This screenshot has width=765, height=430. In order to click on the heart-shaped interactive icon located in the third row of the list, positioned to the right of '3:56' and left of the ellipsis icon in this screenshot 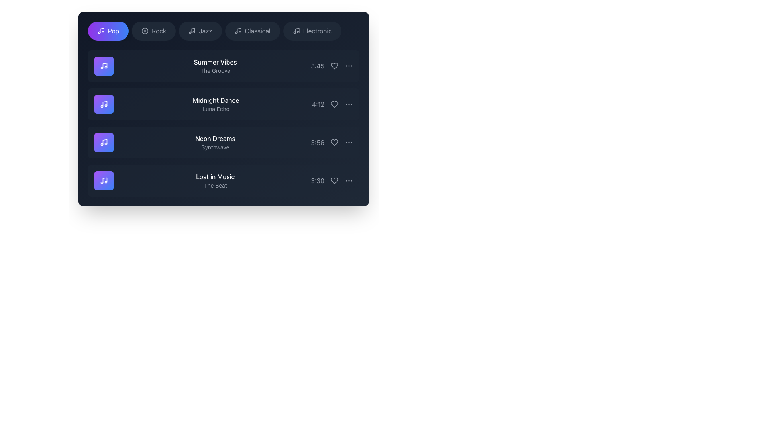, I will do `click(335, 142)`.